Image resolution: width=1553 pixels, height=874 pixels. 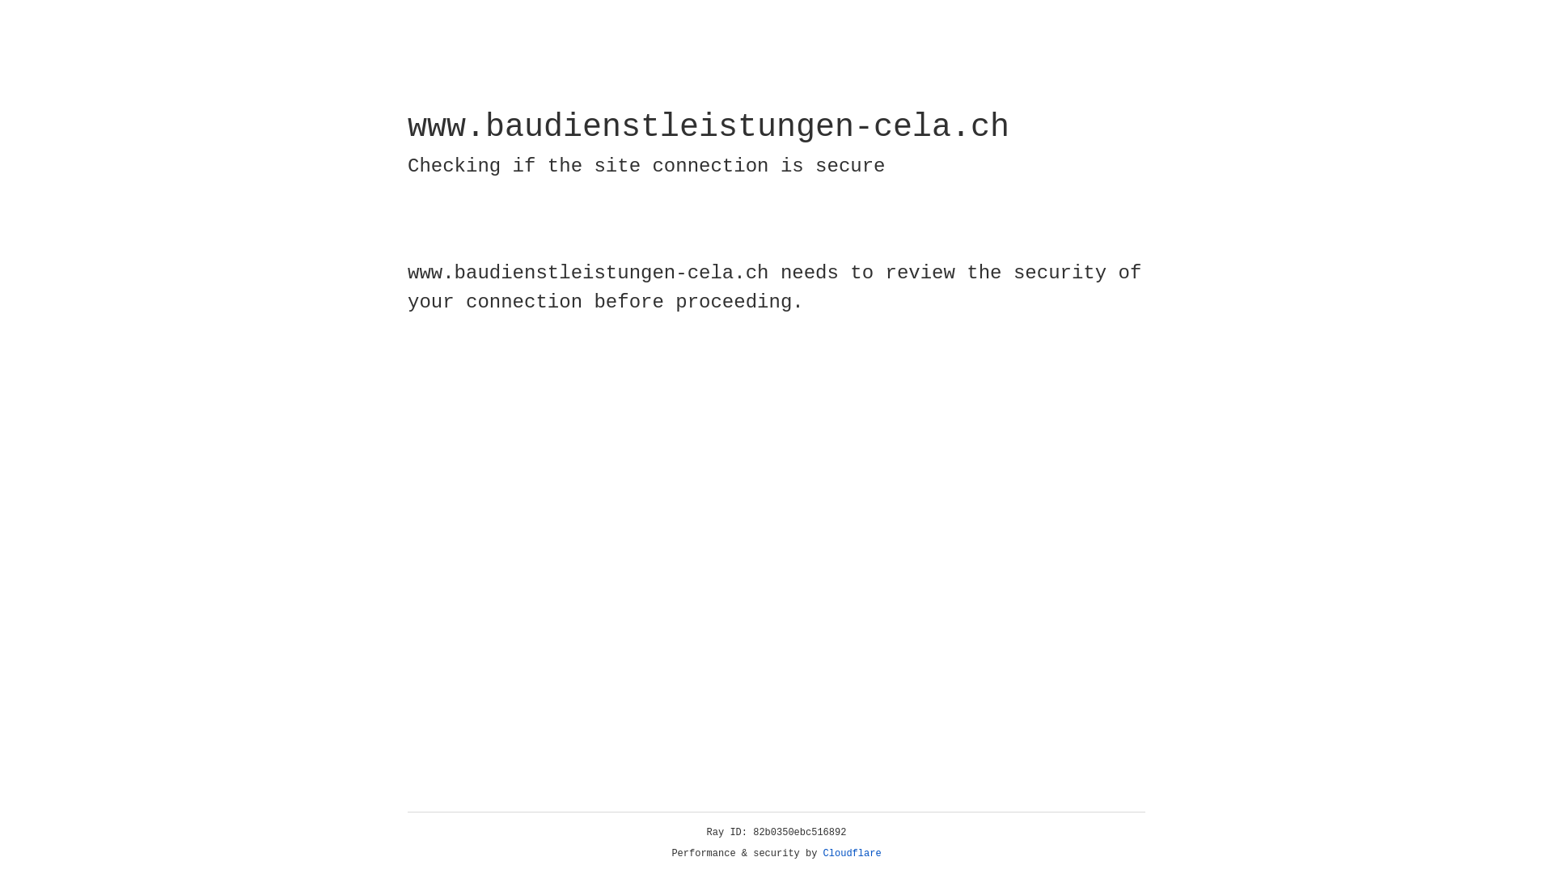 I want to click on 'Cloudflare', so click(x=852, y=853).